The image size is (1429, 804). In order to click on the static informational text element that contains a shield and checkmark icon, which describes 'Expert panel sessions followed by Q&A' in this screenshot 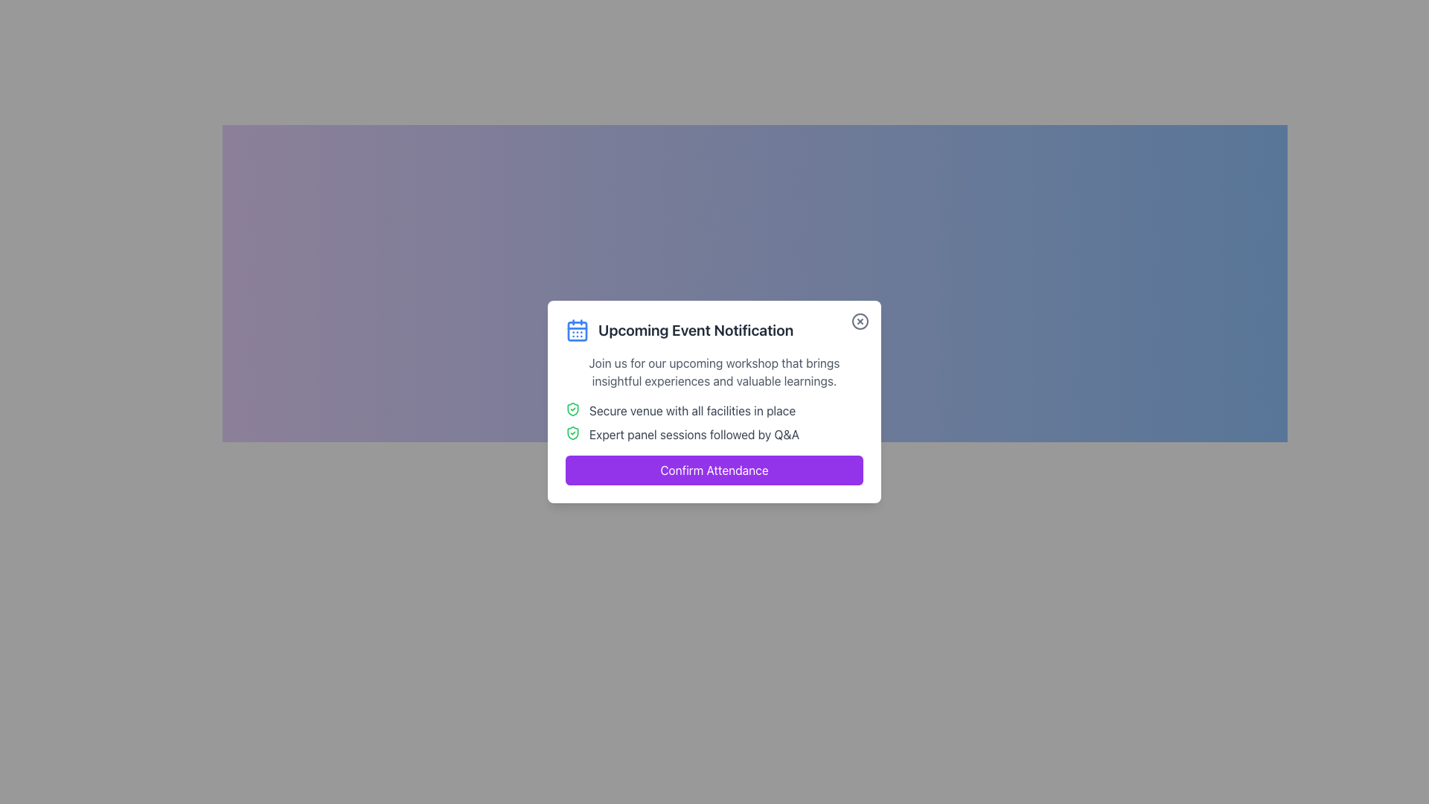, I will do `click(714, 434)`.